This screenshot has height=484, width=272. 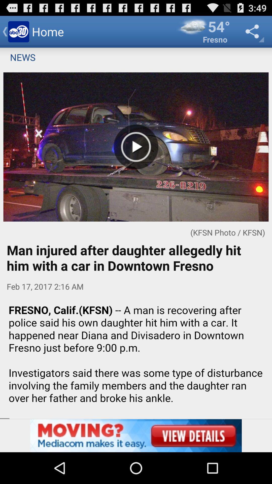 What do you see at coordinates (253, 31) in the screenshot?
I see `the share button` at bounding box center [253, 31].